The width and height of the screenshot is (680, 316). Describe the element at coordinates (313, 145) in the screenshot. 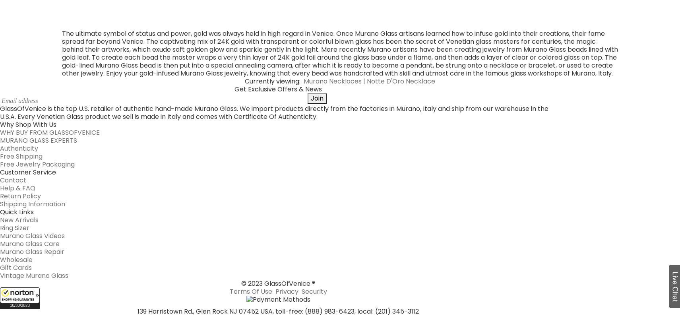

I see `'Security'` at that location.